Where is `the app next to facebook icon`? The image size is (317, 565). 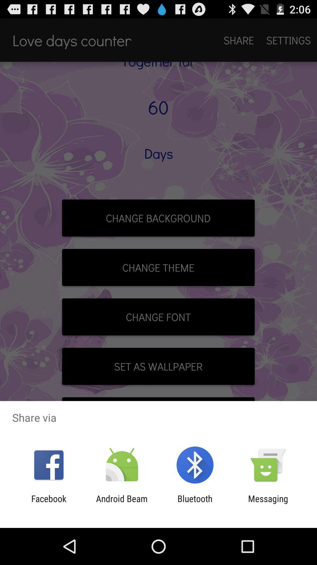
the app next to facebook icon is located at coordinates (122, 503).